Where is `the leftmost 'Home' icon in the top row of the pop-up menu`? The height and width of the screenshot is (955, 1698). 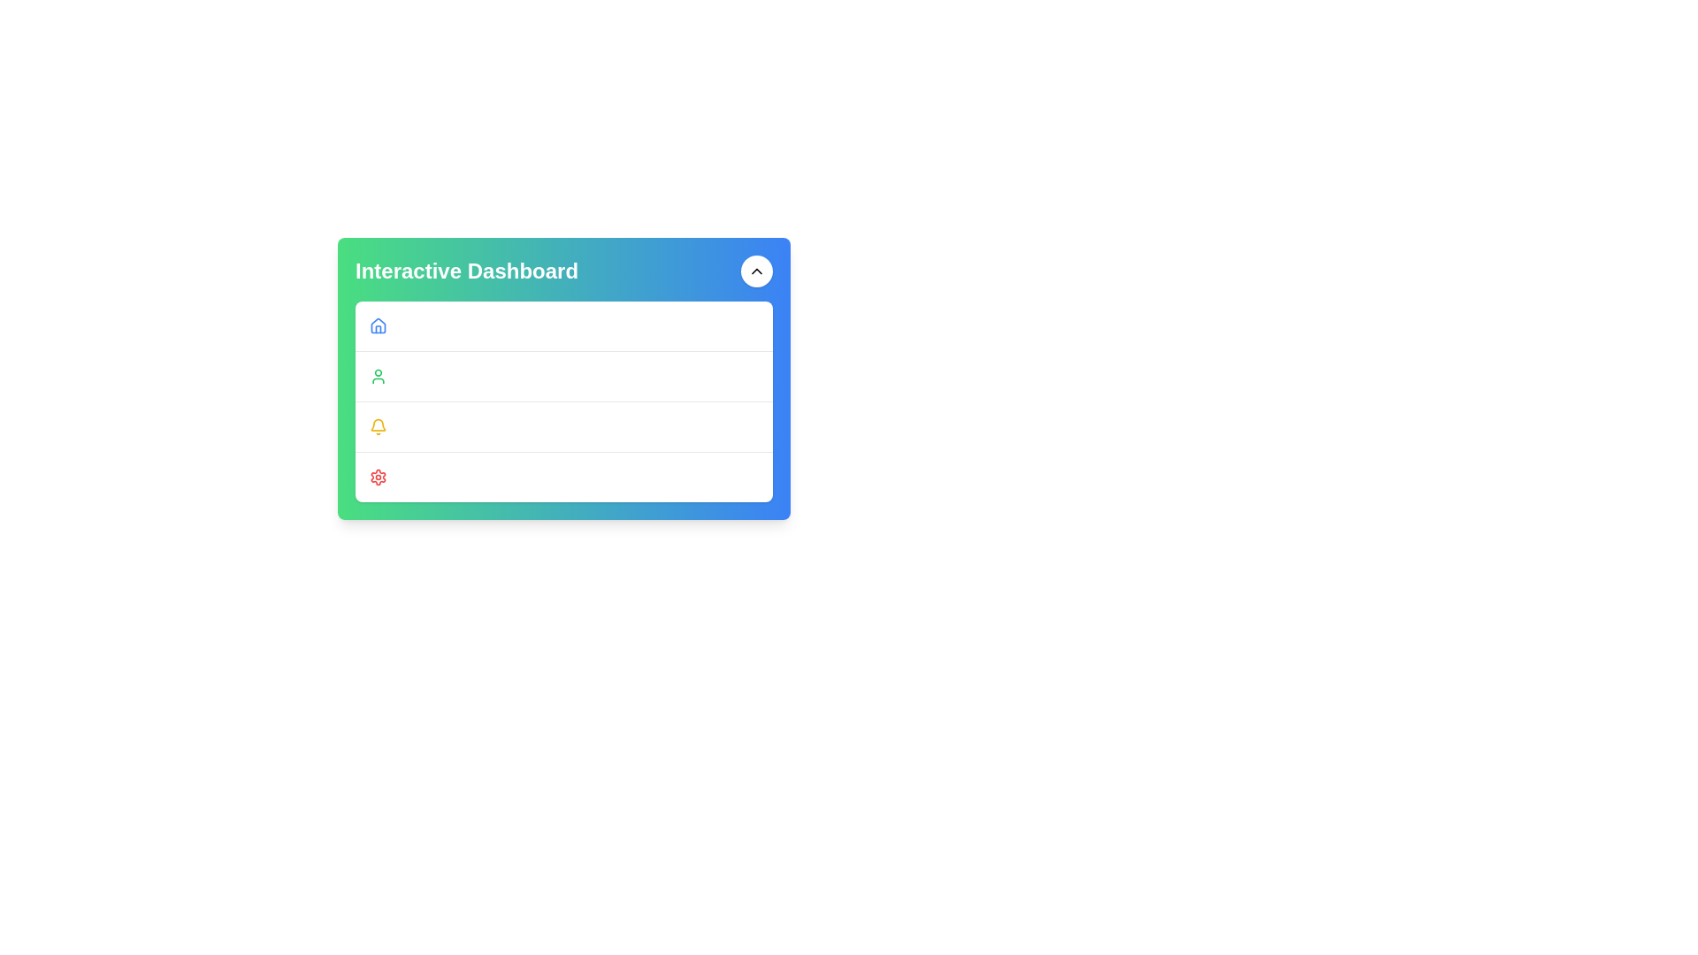 the leftmost 'Home' icon in the top row of the pop-up menu is located at coordinates (377, 326).